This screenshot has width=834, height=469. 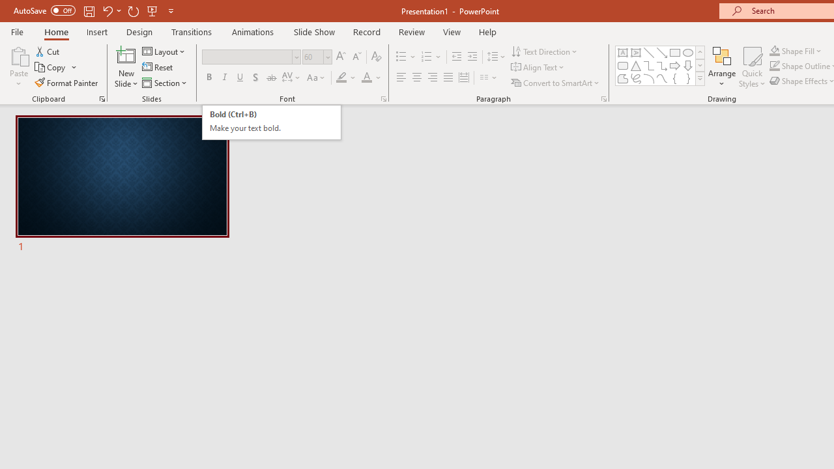 What do you see at coordinates (775, 50) in the screenshot?
I see `'Shape Fill Orange, Accent 2'` at bounding box center [775, 50].